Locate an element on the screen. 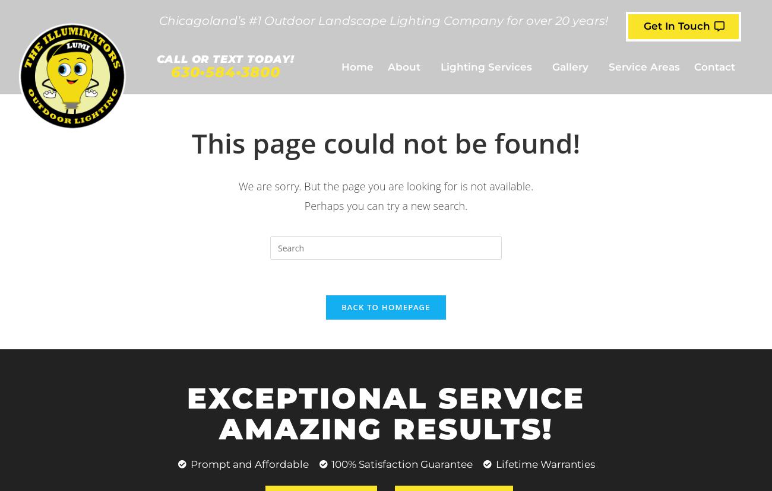 The width and height of the screenshot is (772, 491). 'Contact' is located at coordinates (714, 66).